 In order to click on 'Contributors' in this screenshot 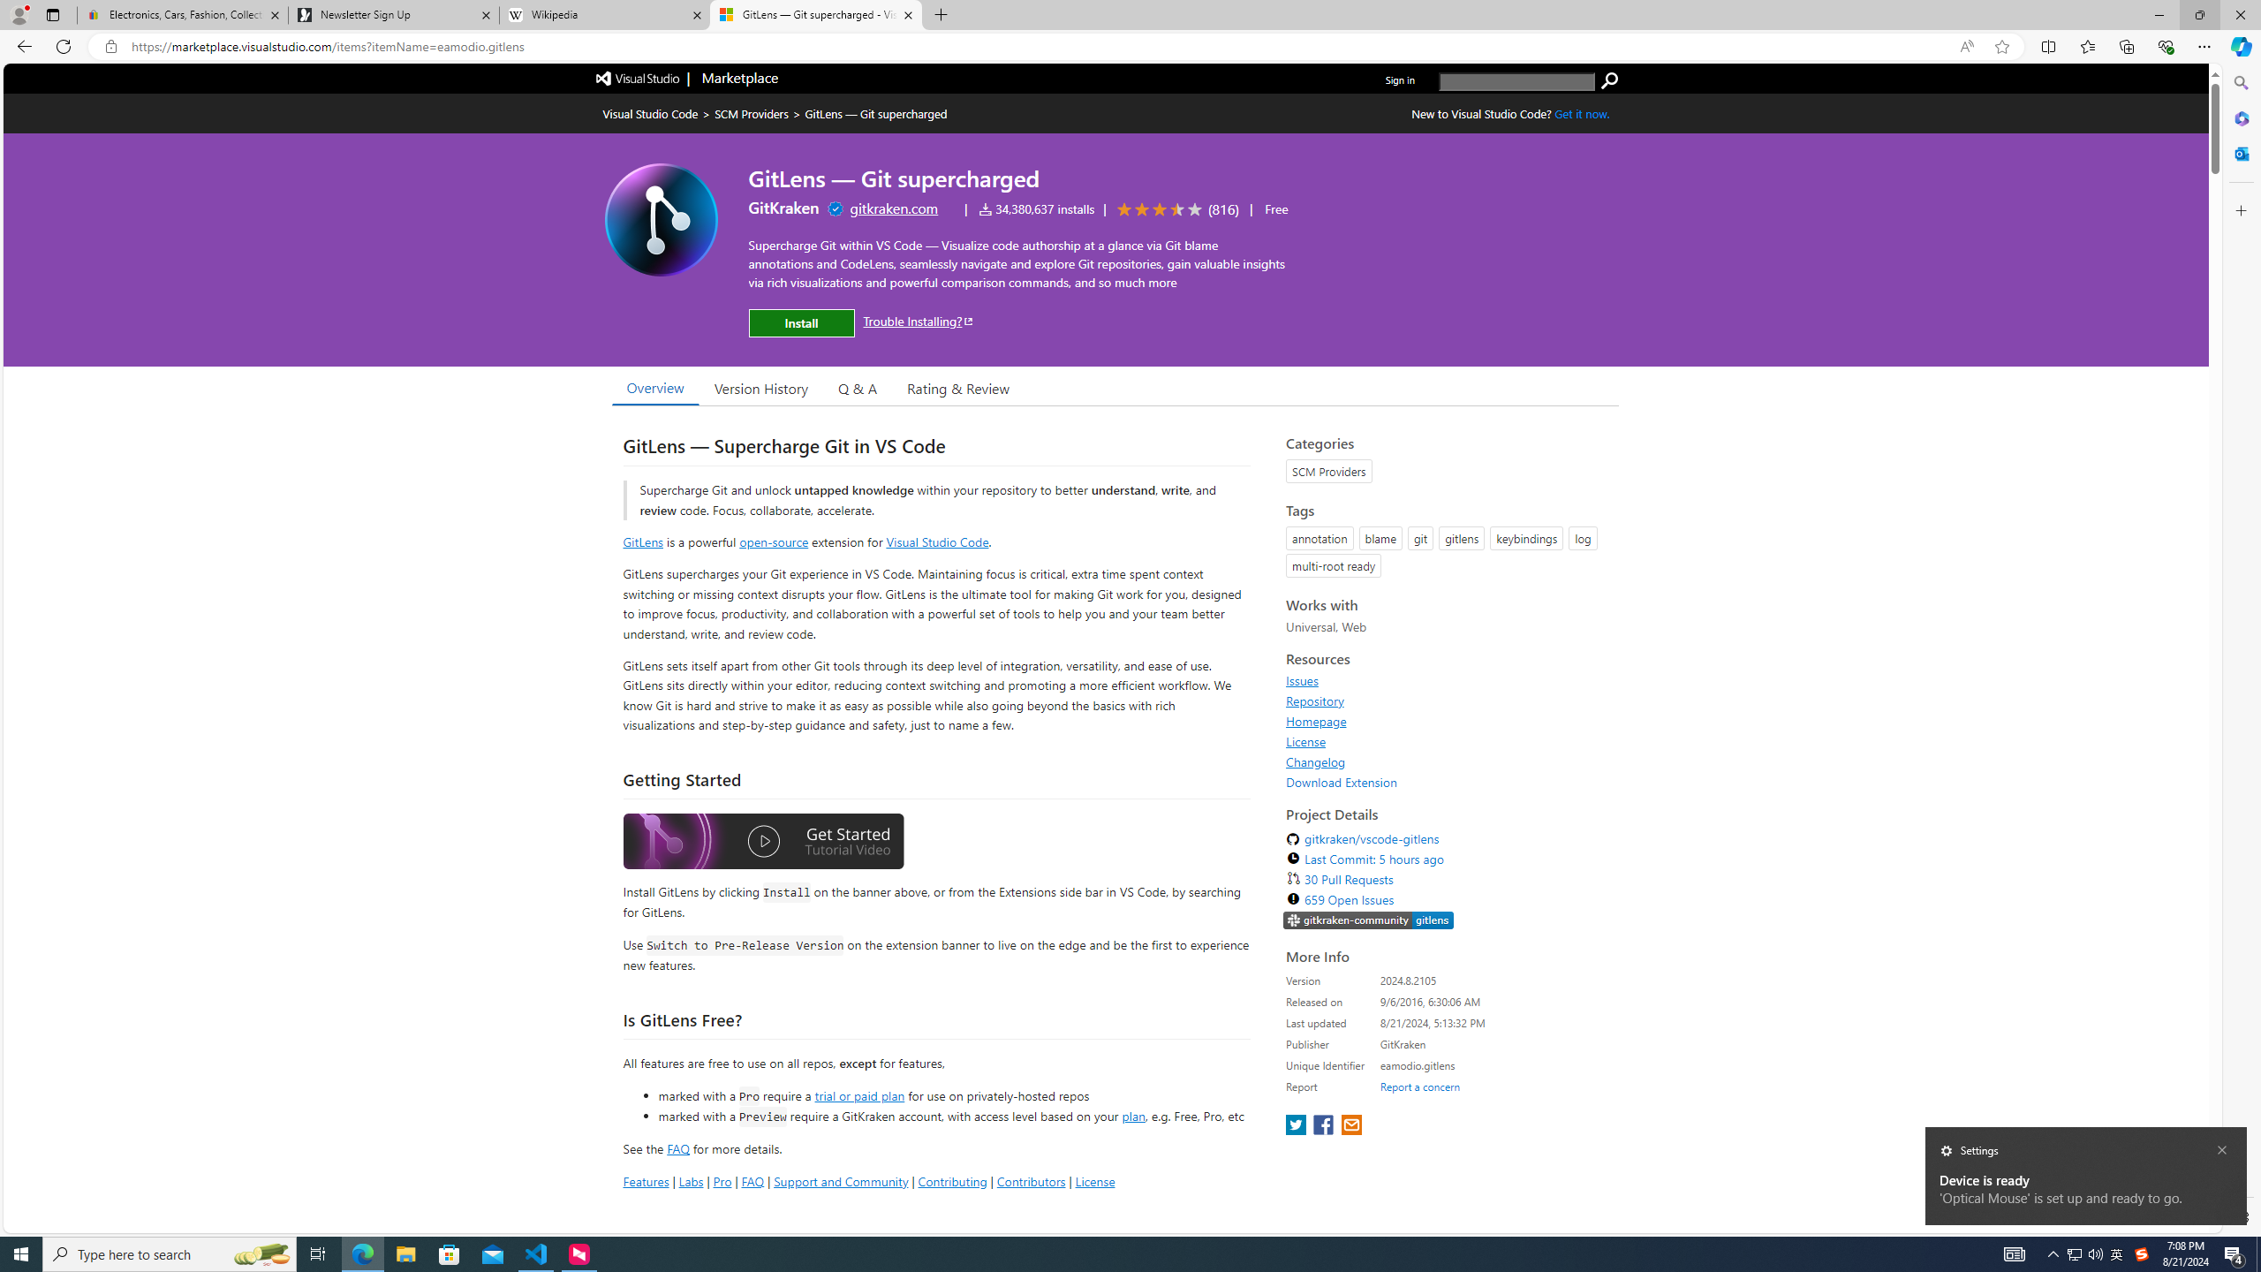, I will do `click(1030, 1180)`.